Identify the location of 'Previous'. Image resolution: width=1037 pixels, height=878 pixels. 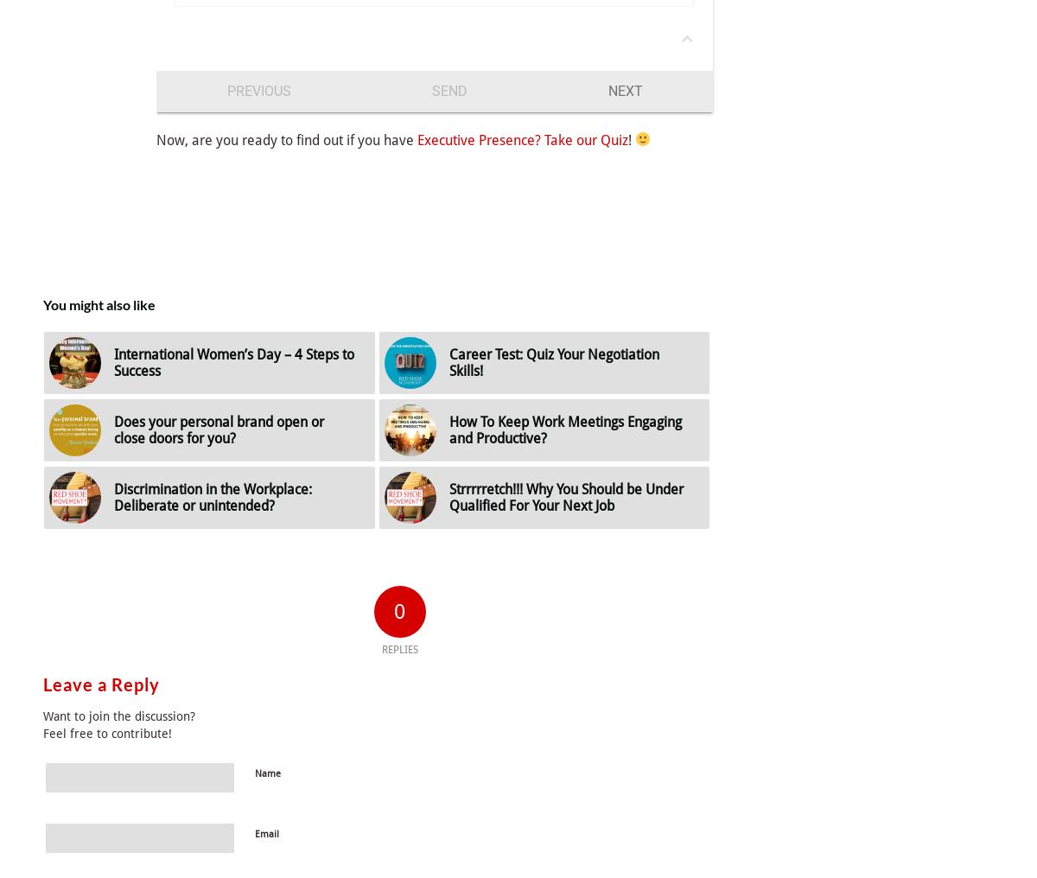
(258, 91).